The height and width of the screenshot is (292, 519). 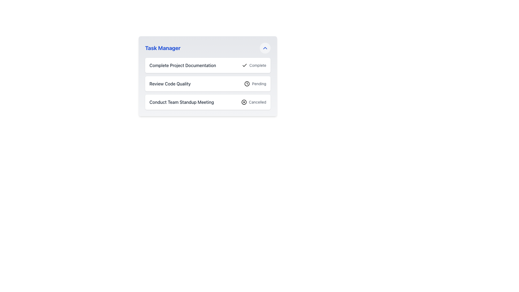 I want to click on the button with an upward arrow icon located in the upper-right corner of the 'Task Manager' card, so click(x=265, y=48).